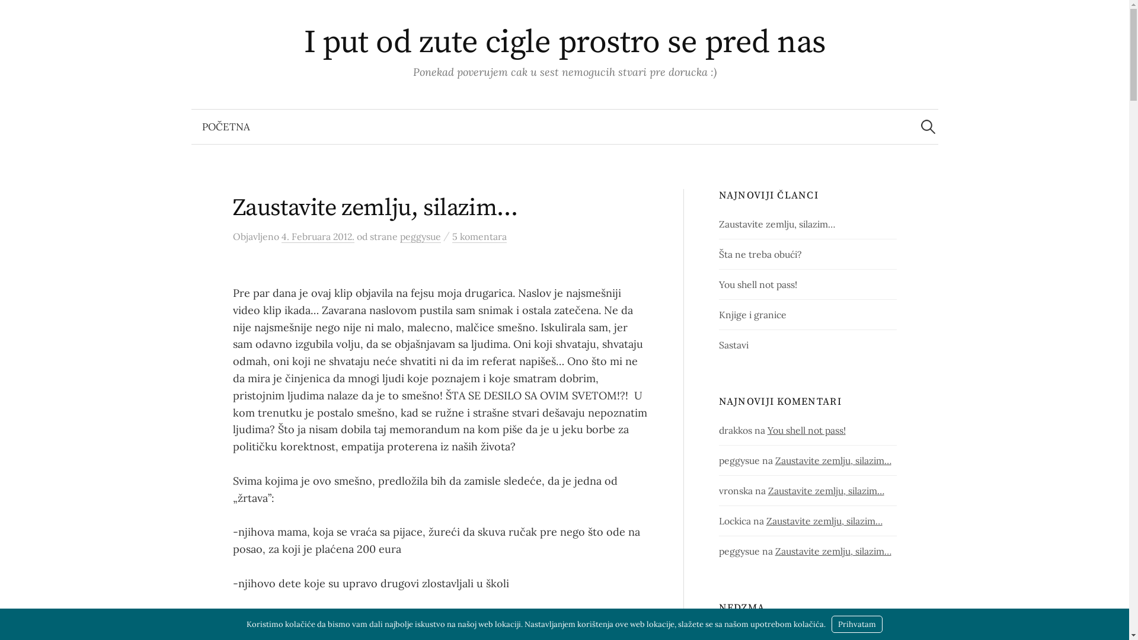 The width and height of the screenshot is (1138, 640). Describe the element at coordinates (856, 623) in the screenshot. I see `'Prihvatam'` at that location.